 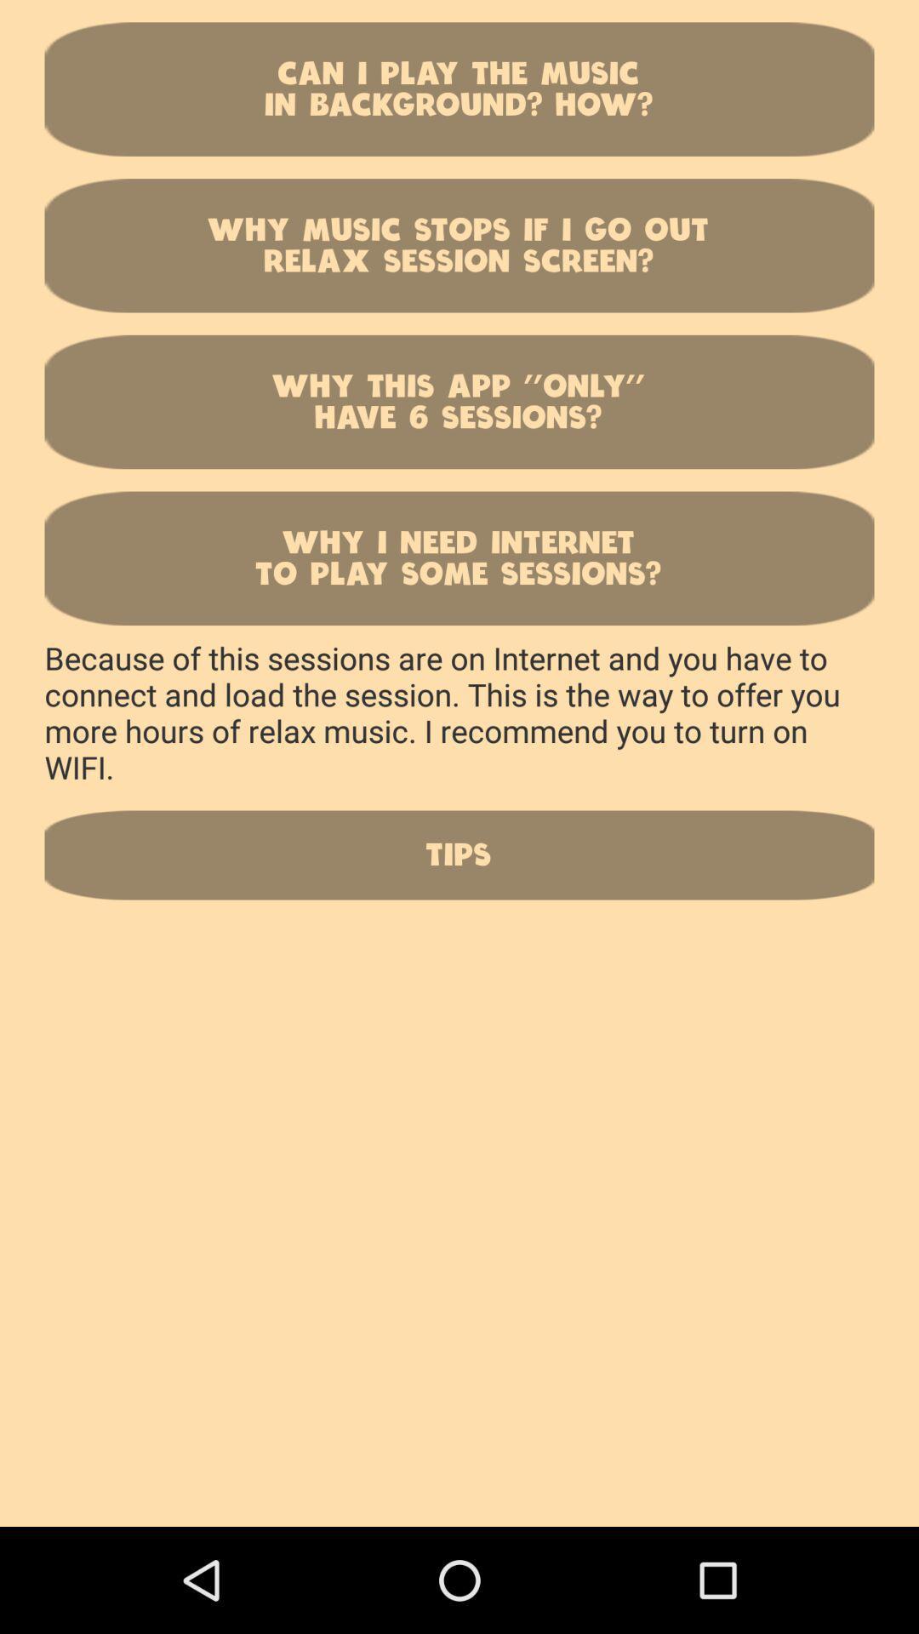 What do you see at coordinates (459, 854) in the screenshot?
I see `app below the because of this app` at bounding box center [459, 854].